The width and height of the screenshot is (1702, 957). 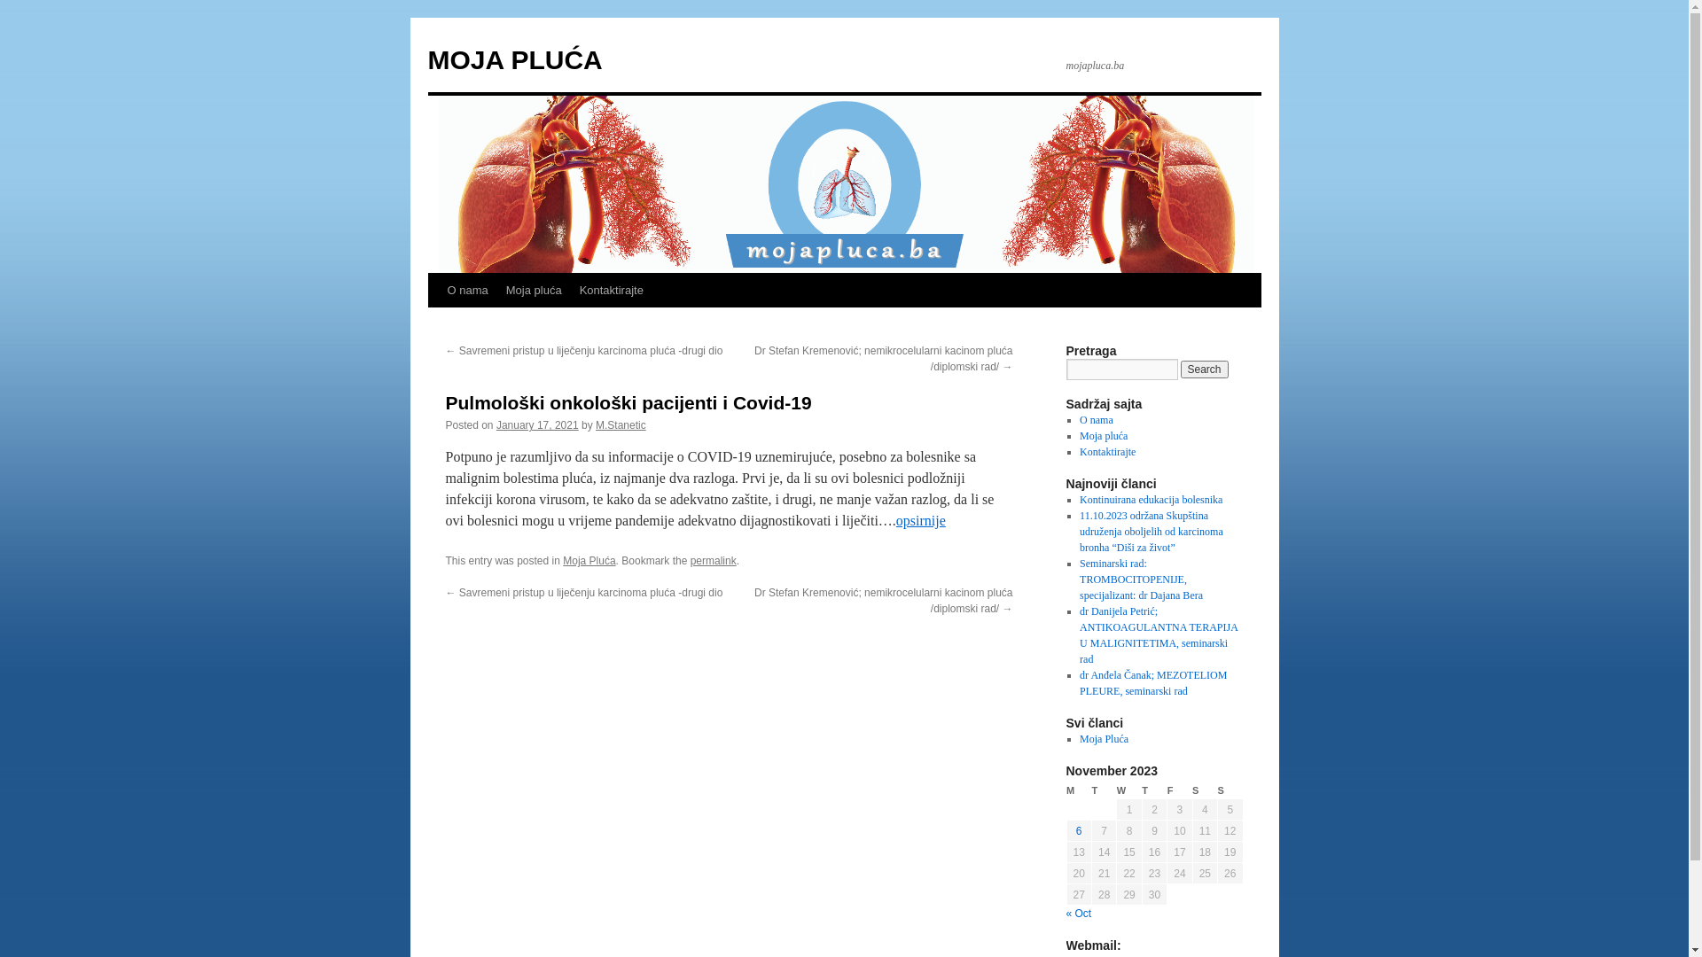 I want to click on 'O nama', so click(x=467, y=289).